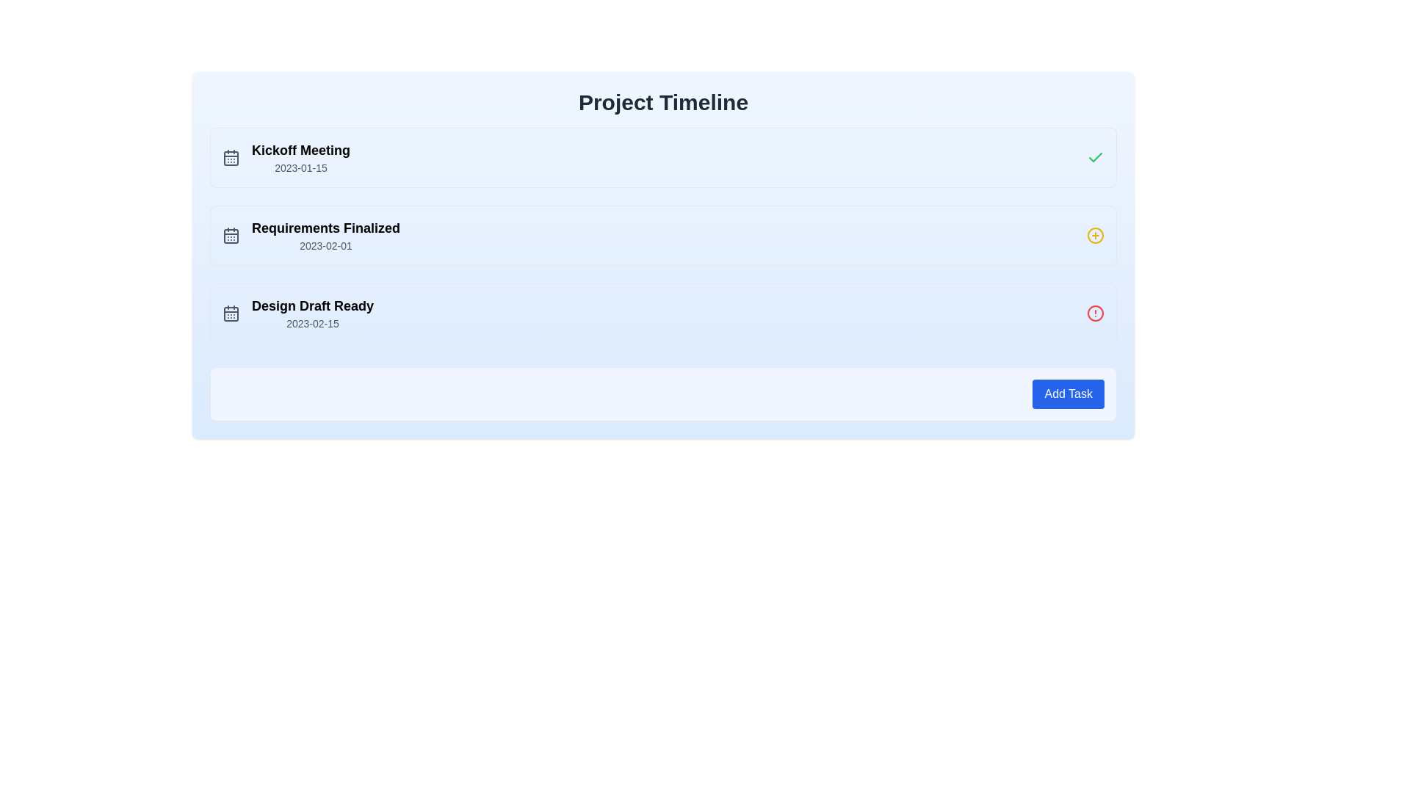 This screenshot has height=793, width=1410. Describe the element at coordinates (231, 234) in the screenshot. I see `the calendar icon located in the left section of the row labeled 'Requirements Finalized', positioned above the date '2023-02-01'` at that location.